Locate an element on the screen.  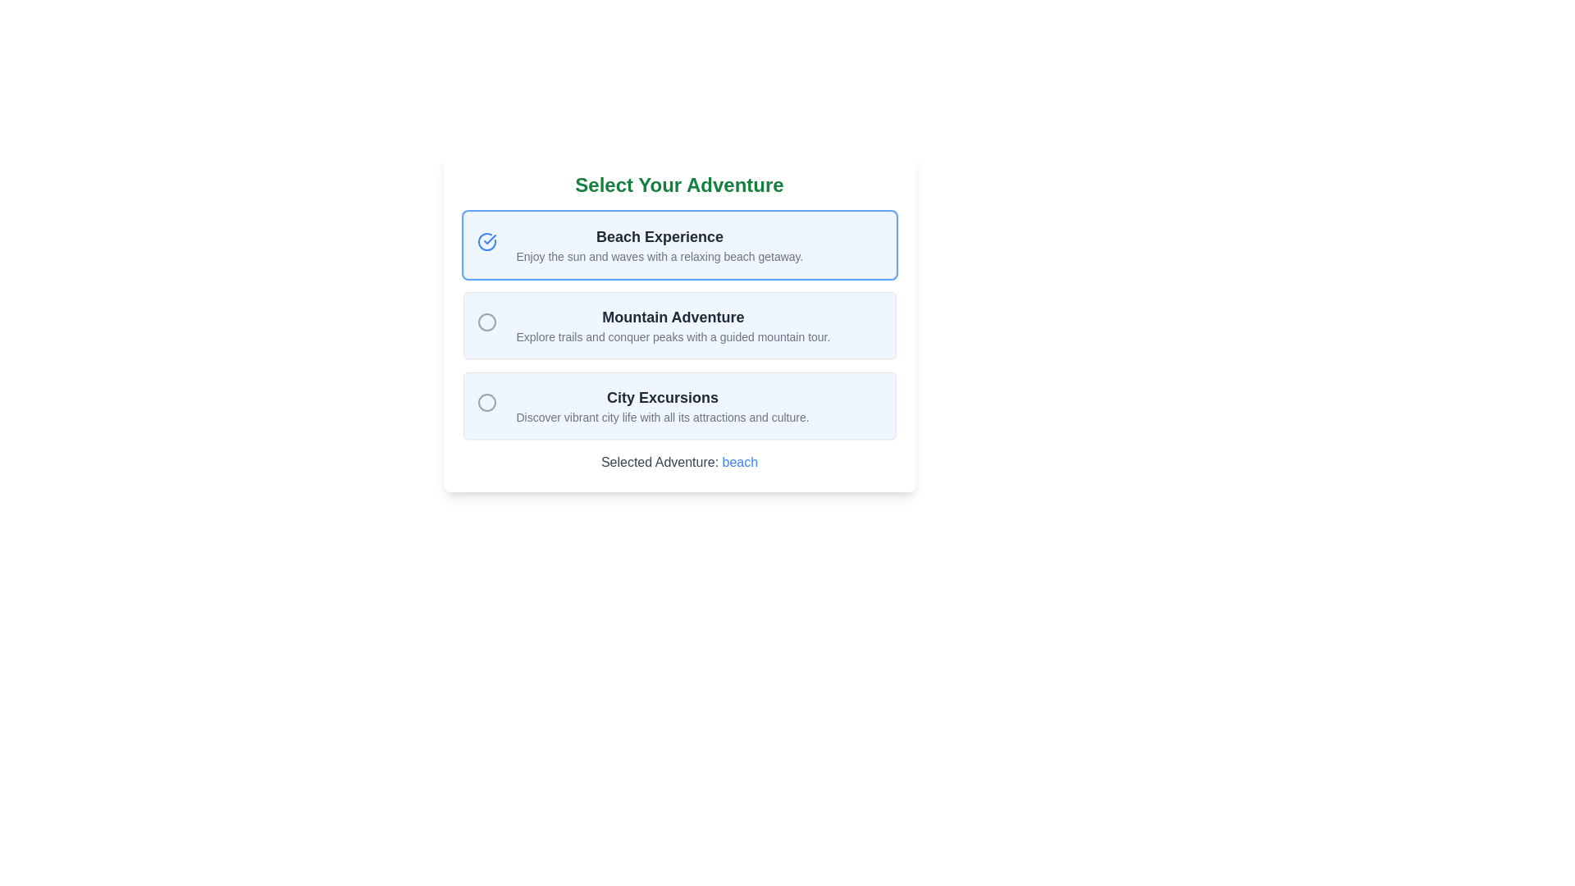
the 'City Excursions' selection icon located on the left side of its row is located at coordinates (489, 405).